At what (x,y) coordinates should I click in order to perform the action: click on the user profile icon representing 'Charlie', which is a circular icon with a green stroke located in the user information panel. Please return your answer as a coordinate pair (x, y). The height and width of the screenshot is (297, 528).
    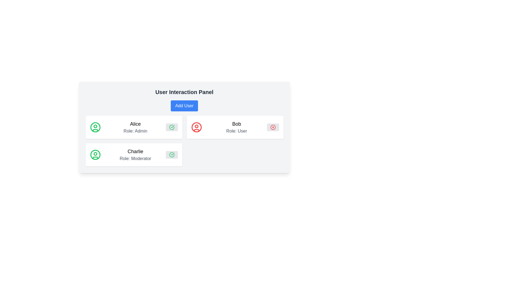
    Looking at the image, I should click on (95, 155).